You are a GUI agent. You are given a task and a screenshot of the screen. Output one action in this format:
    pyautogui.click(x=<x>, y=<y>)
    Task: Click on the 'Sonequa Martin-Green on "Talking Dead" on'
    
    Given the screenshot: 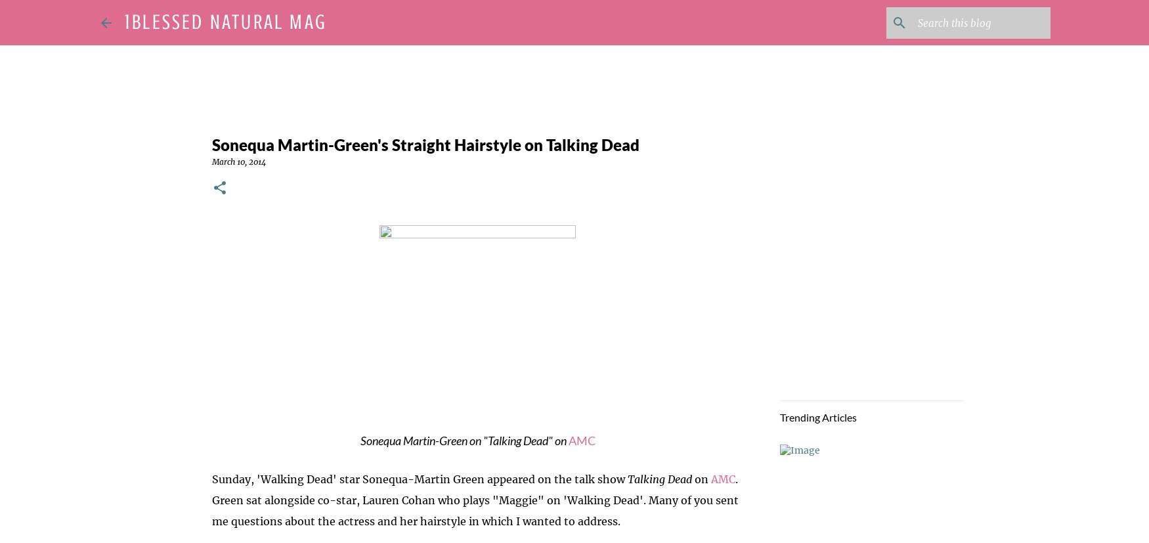 What is the action you would take?
    pyautogui.click(x=464, y=440)
    